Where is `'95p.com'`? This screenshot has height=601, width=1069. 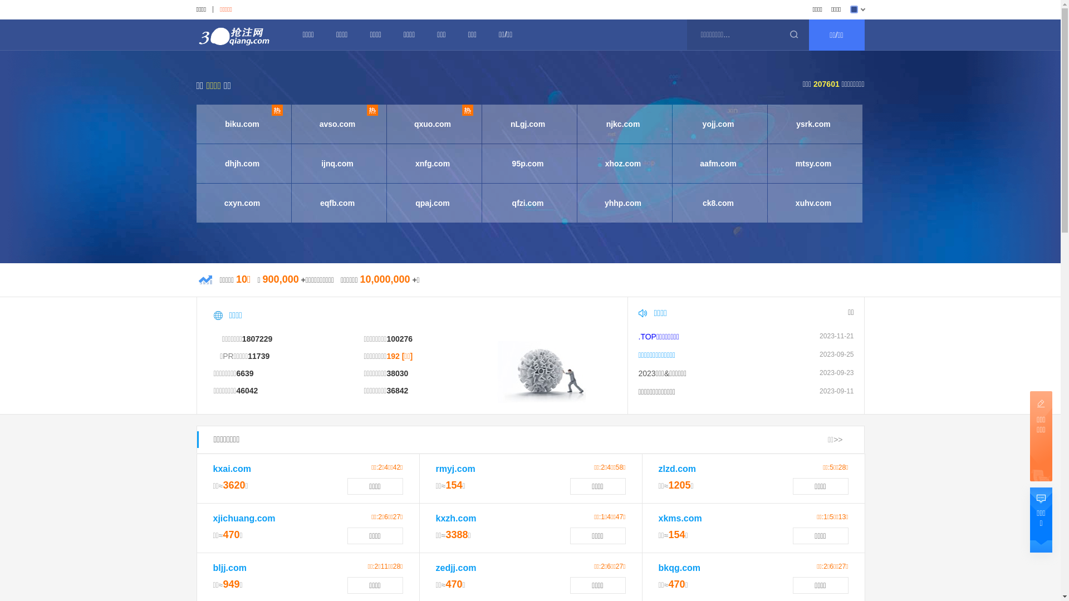 '95p.com' is located at coordinates (527, 163).